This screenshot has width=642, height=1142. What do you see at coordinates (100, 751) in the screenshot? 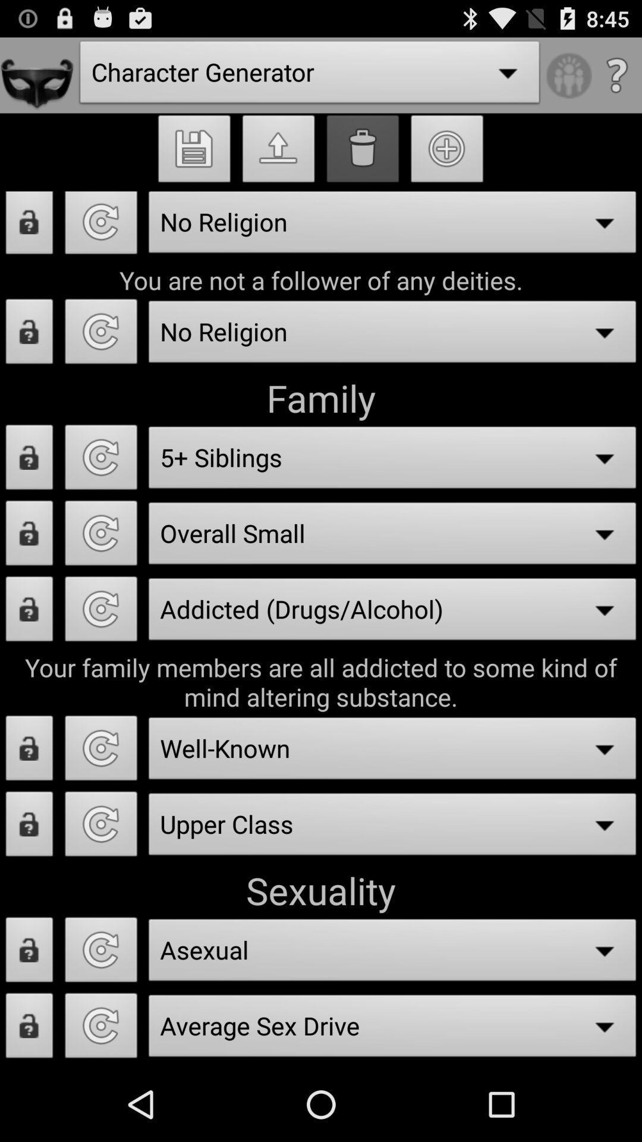
I see `refresh the option` at bounding box center [100, 751].